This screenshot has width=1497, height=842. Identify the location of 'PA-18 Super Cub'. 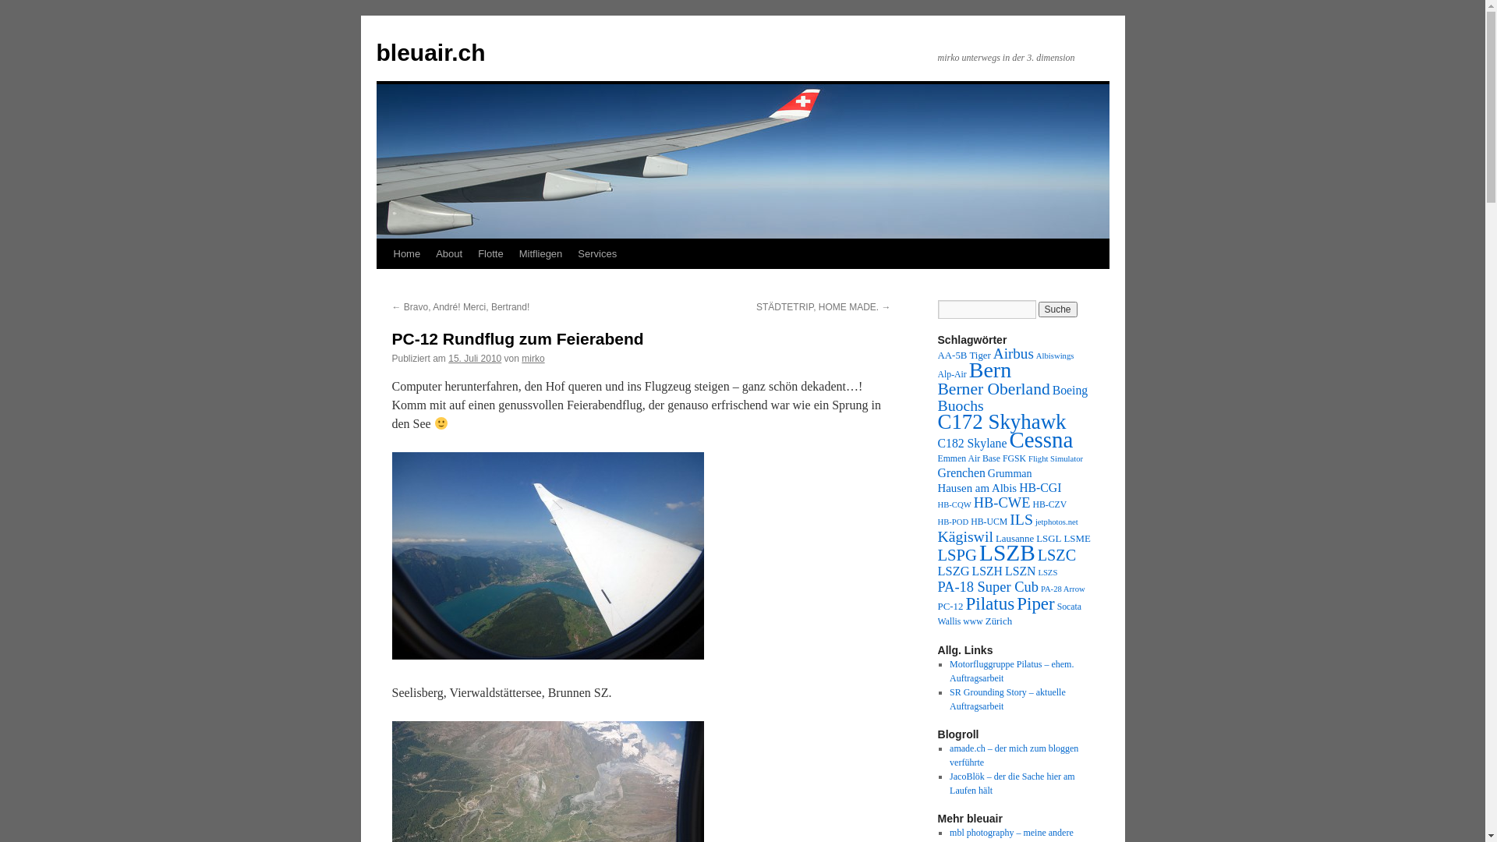
(986, 586).